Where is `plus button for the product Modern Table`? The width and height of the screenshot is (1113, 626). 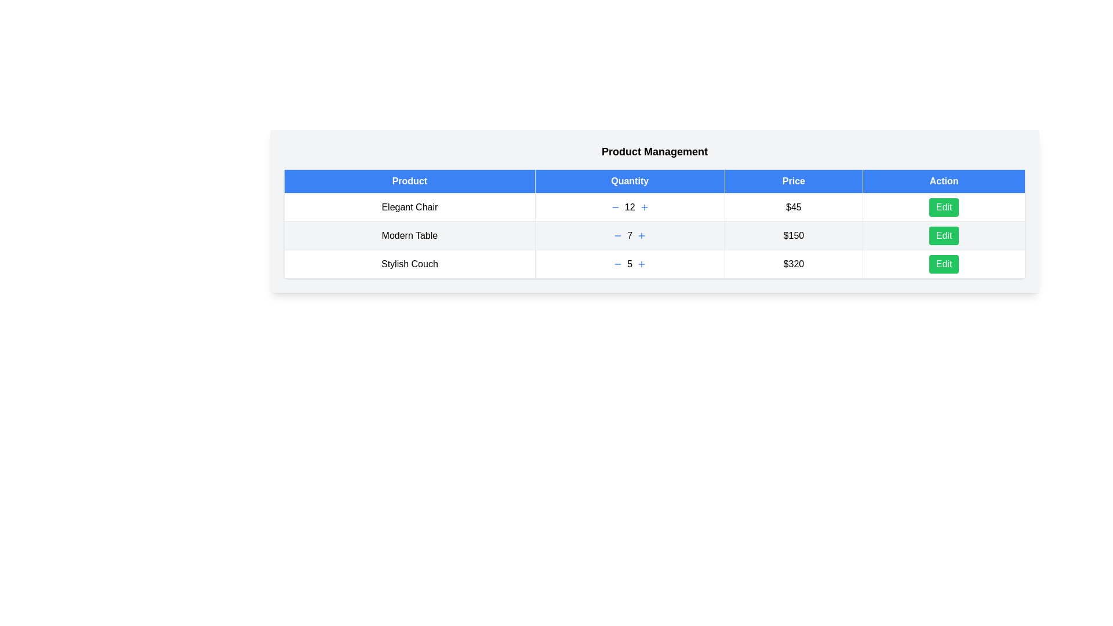
plus button for the product Modern Table is located at coordinates (641, 235).